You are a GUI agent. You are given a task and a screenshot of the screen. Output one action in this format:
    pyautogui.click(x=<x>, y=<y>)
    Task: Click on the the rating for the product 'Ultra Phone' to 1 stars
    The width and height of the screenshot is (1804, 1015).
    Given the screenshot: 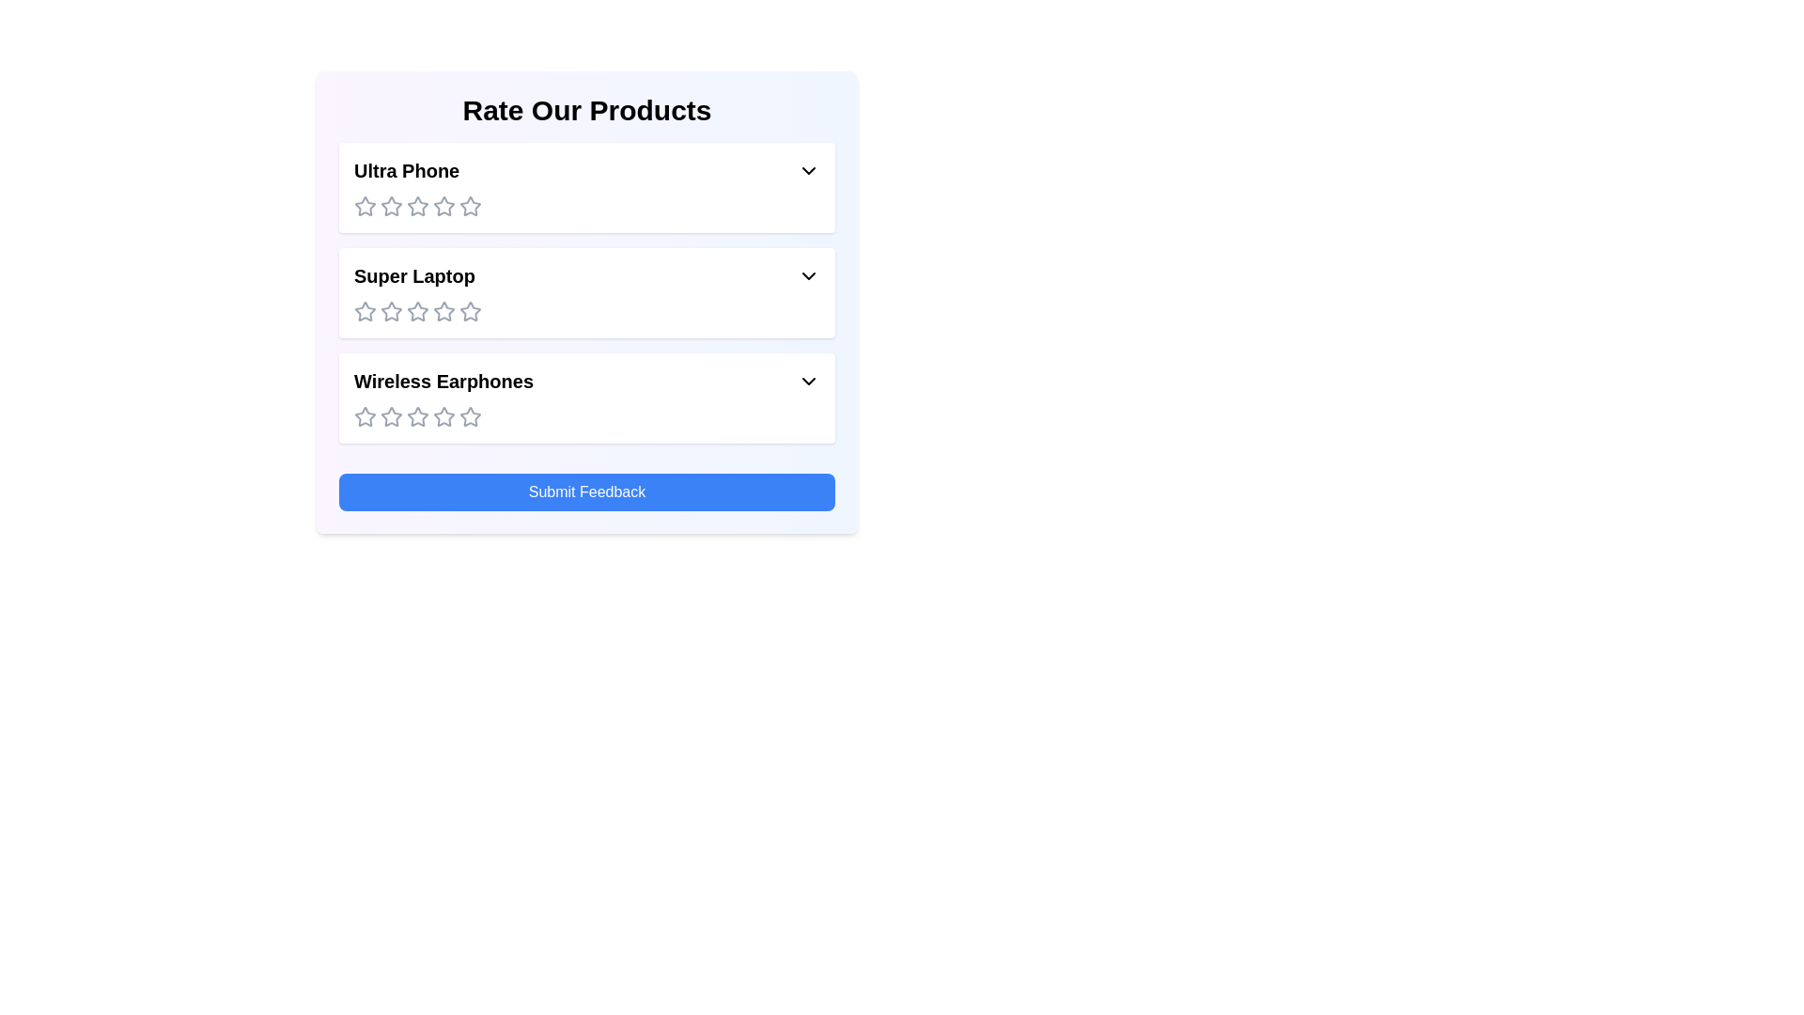 What is the action you would take?
    pyautogui.click(x=365, y=206)
    